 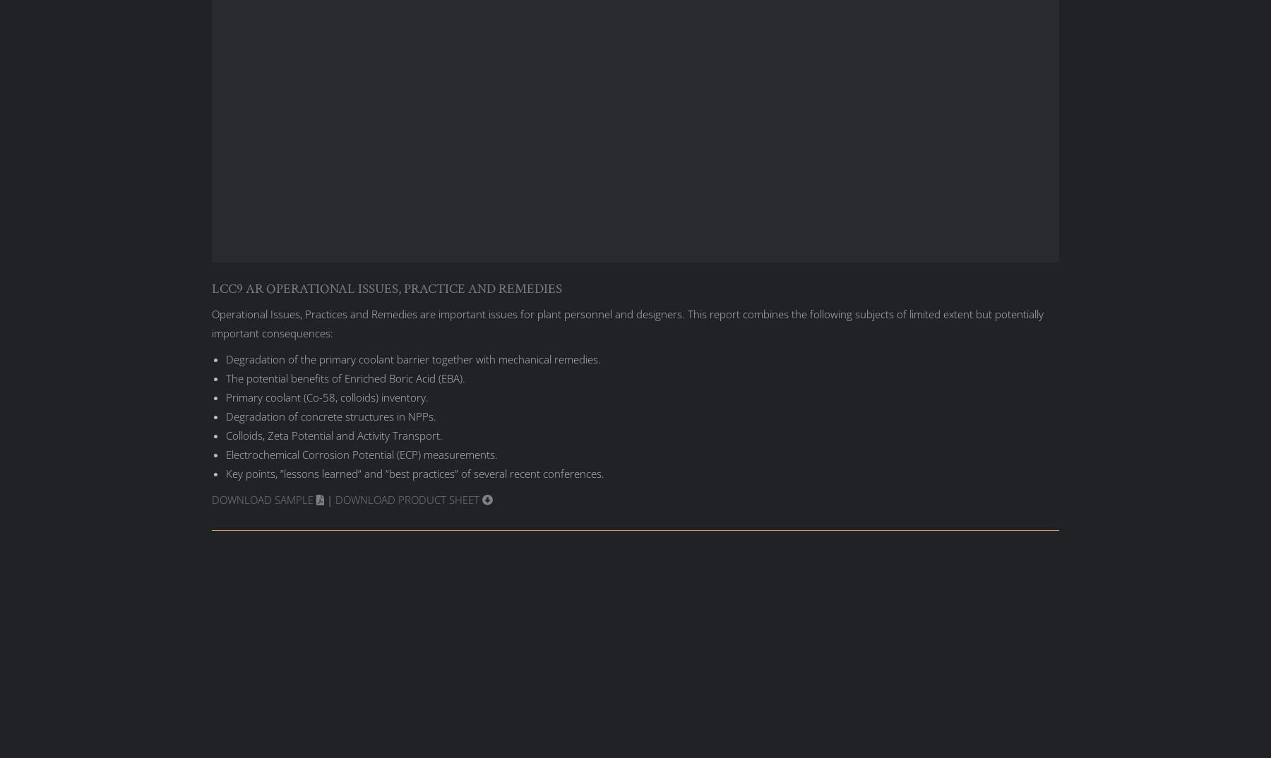 I want to click on 'DOWNLOAD SAMPLE', so click(x=211, y=499).